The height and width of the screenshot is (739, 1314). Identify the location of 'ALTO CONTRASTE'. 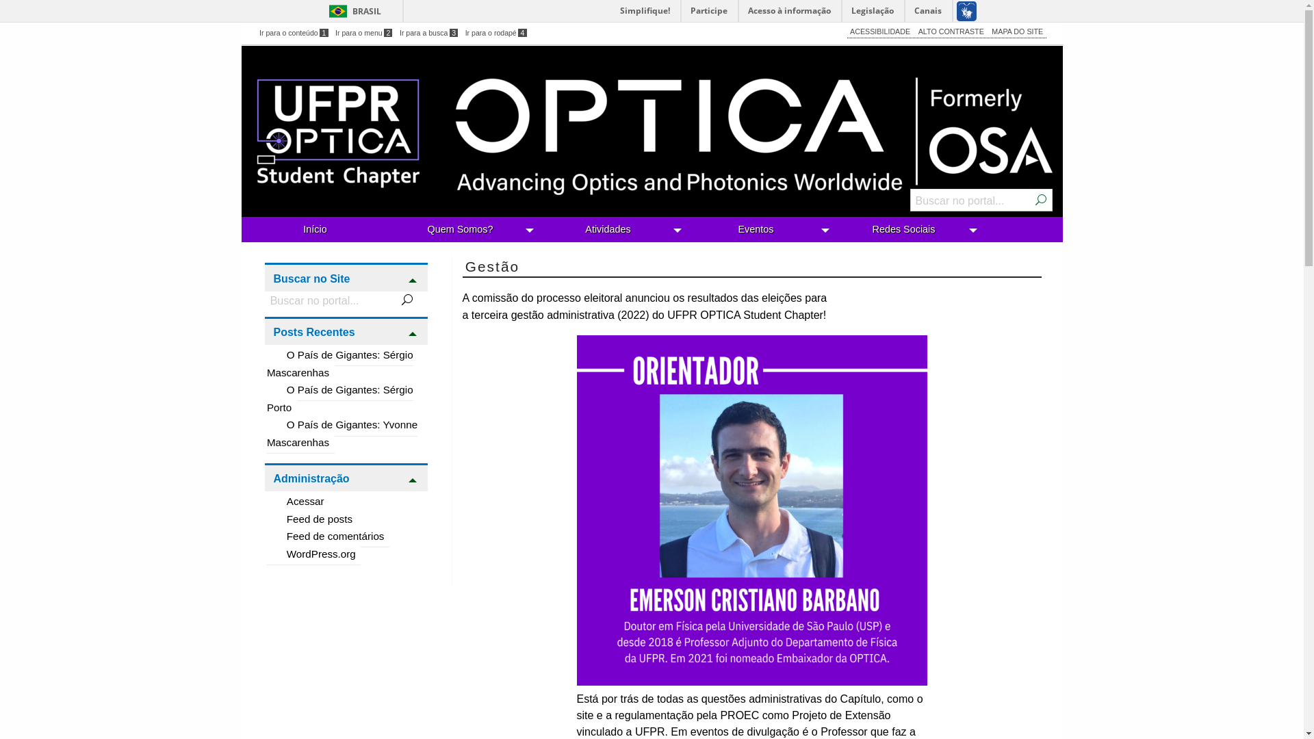
(950, 31).